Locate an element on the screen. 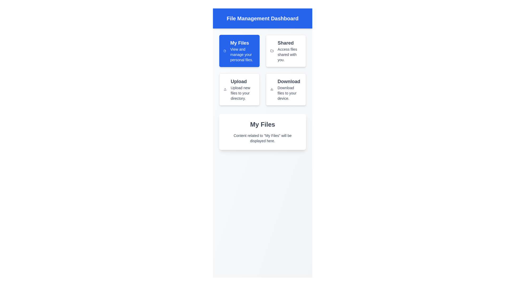 This screenshot has height=285, width=506. the 'Shared' text block within the card interface located in the top-right corner of the grid layout beneath the blue header is located at coordinates (289, 51).